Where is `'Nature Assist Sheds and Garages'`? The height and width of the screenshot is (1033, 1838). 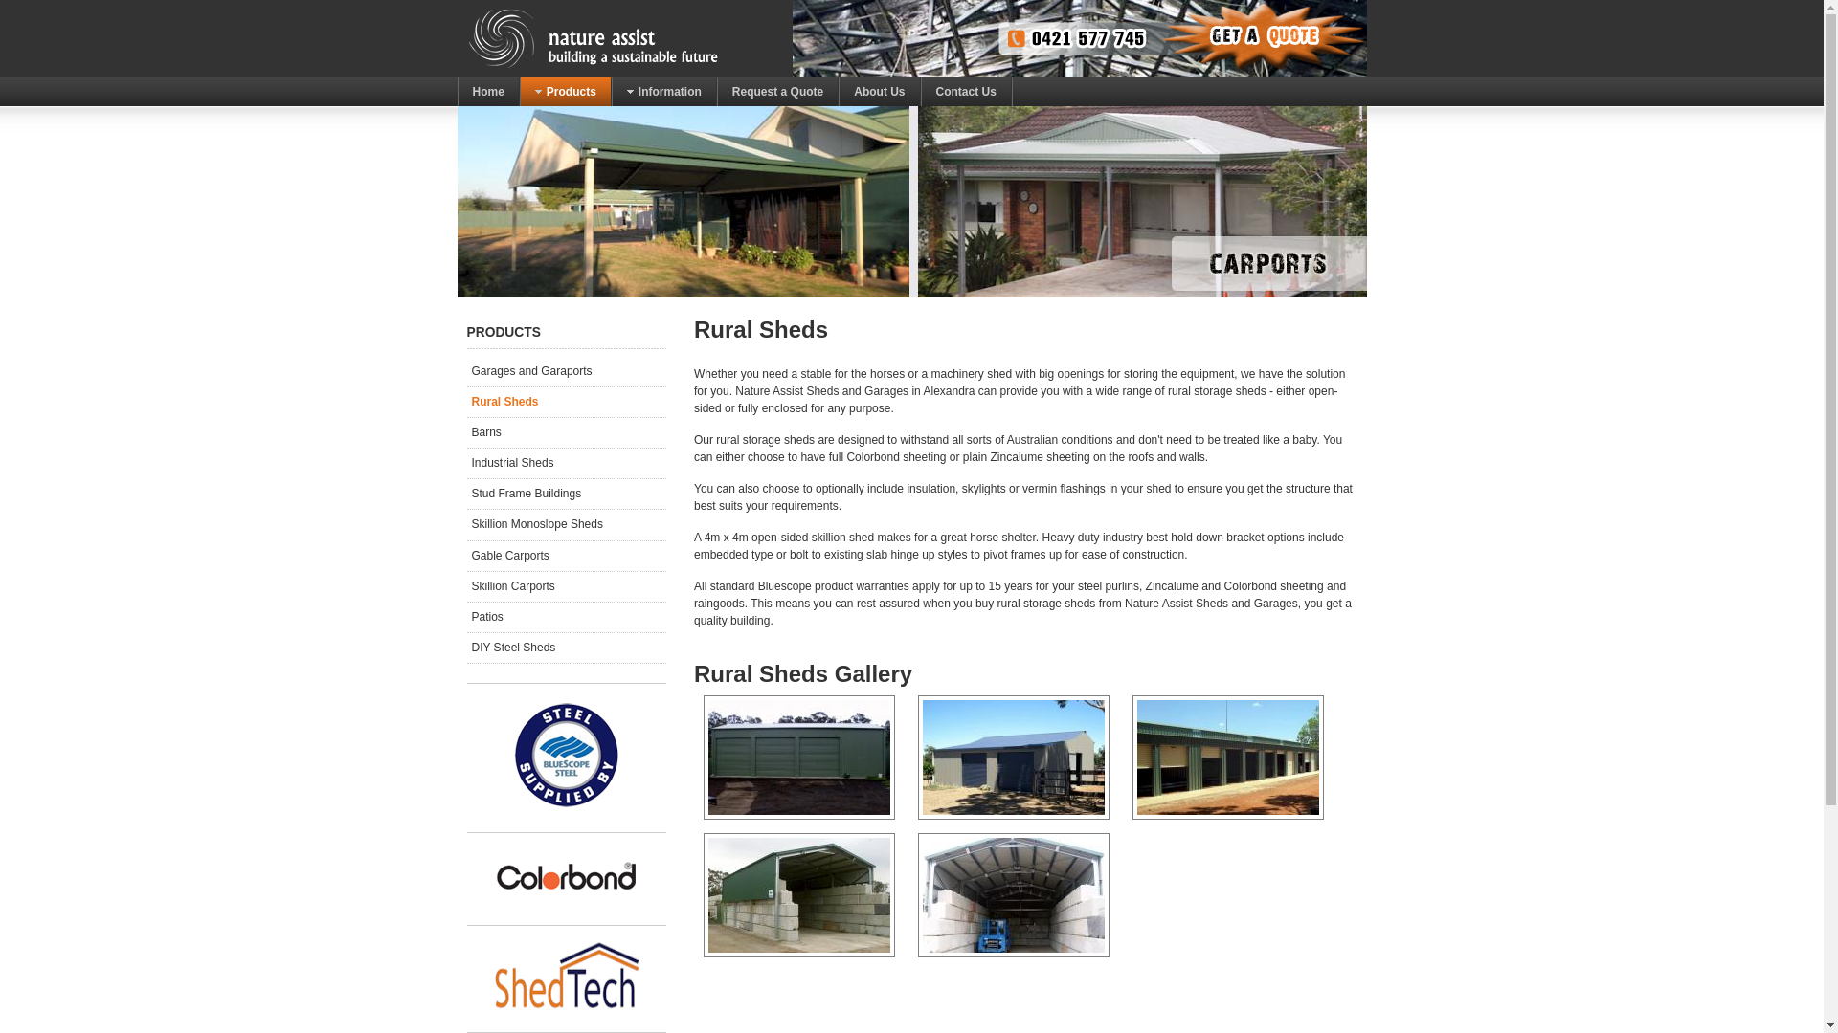
'Nature Assist Sheds and Garages' is located at coordinates (467, 37).